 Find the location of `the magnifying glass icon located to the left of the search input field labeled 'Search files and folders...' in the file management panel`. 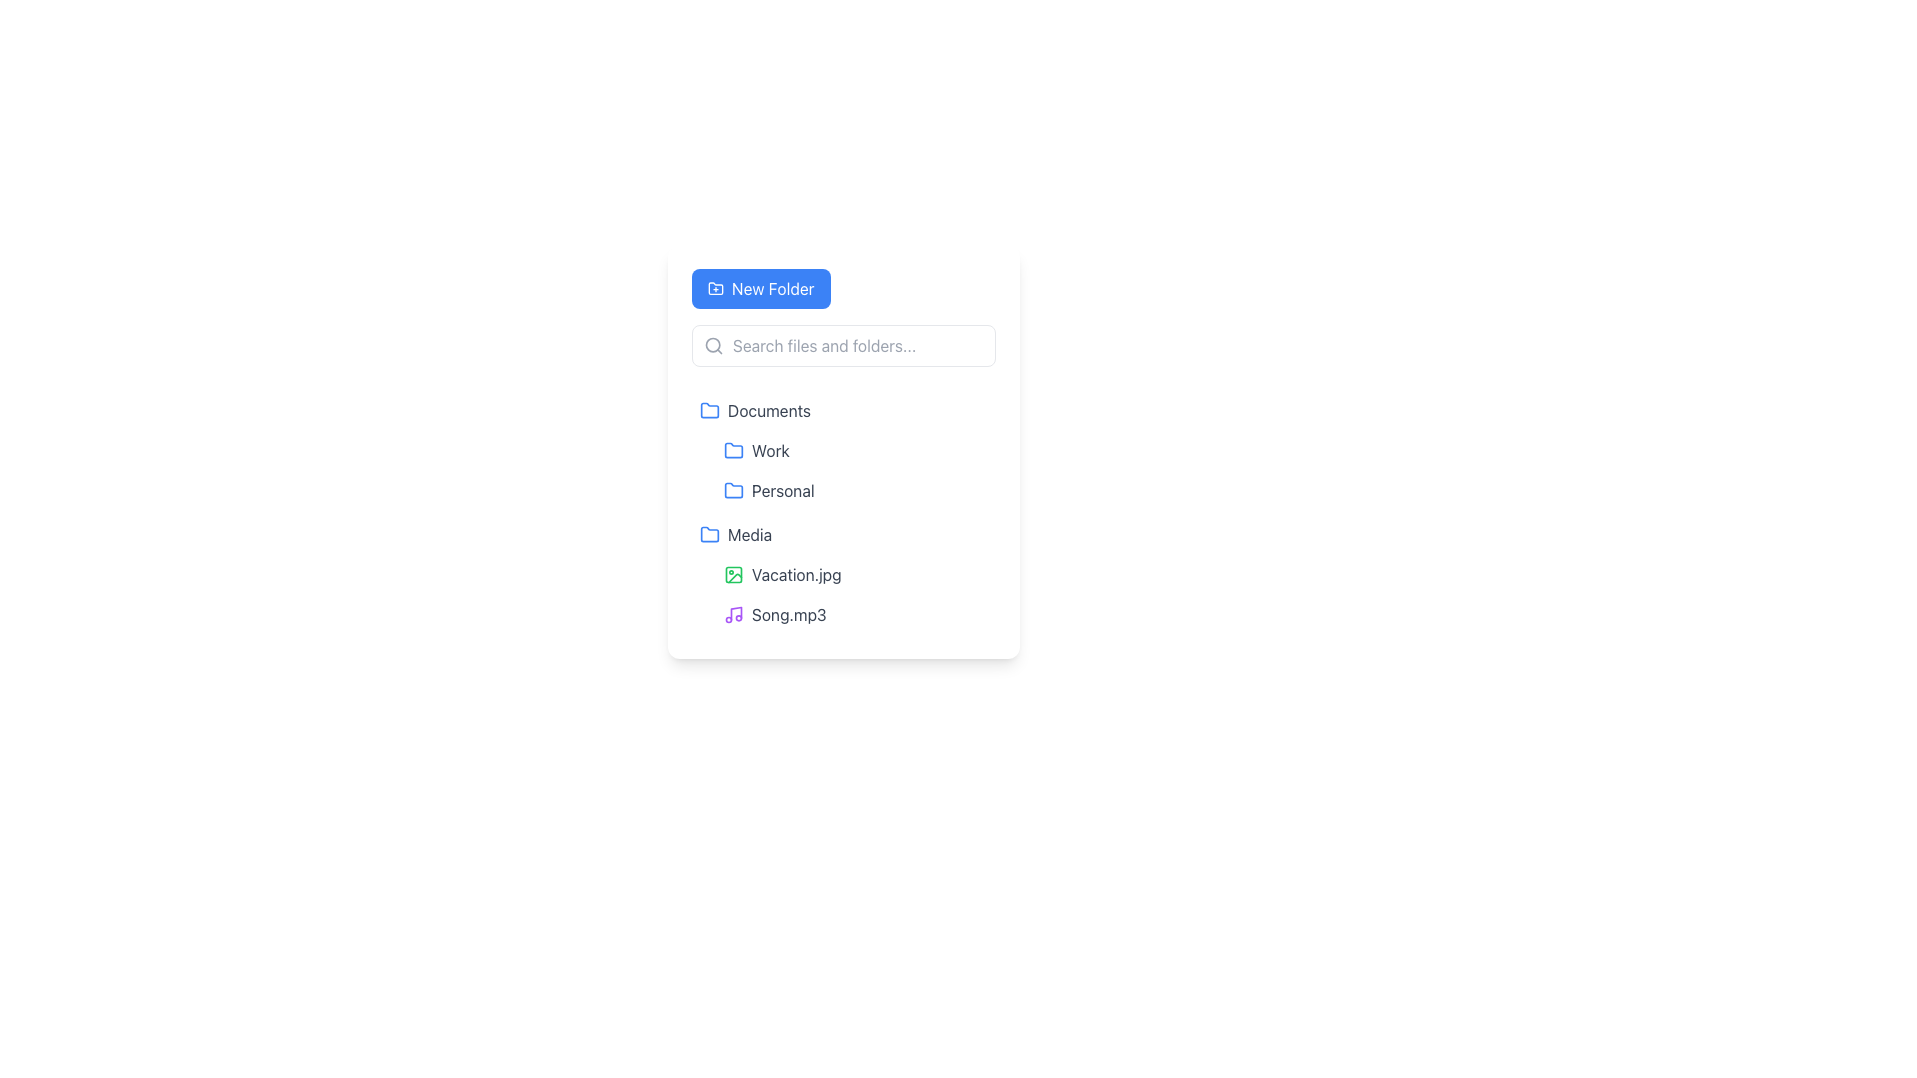

the magnifying glass icon located to the left of the search input field labeled 'Search files and folders...' in the file management panel is located at coordinates (714, 345).